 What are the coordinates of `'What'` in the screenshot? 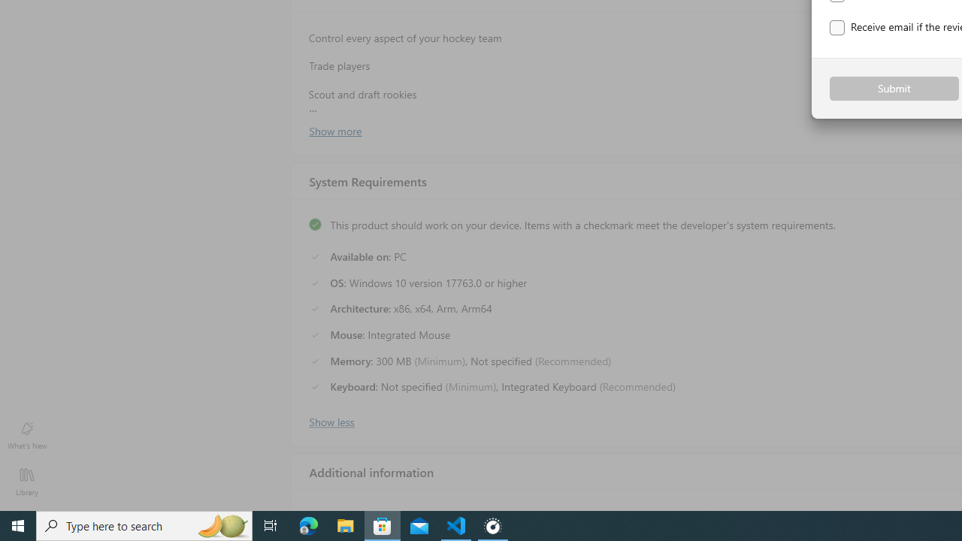 It's located at (26, 434).